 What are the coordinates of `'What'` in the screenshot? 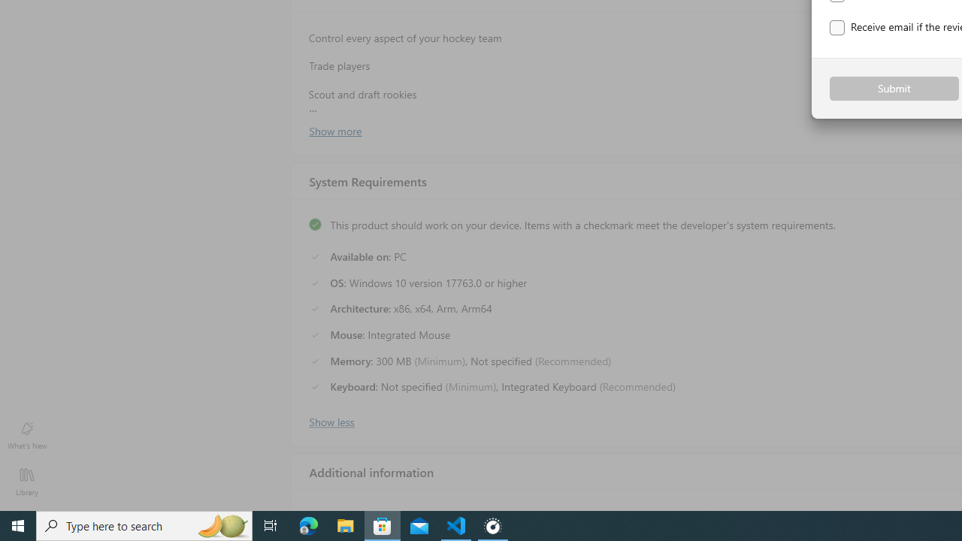 It's located at (26, 434).